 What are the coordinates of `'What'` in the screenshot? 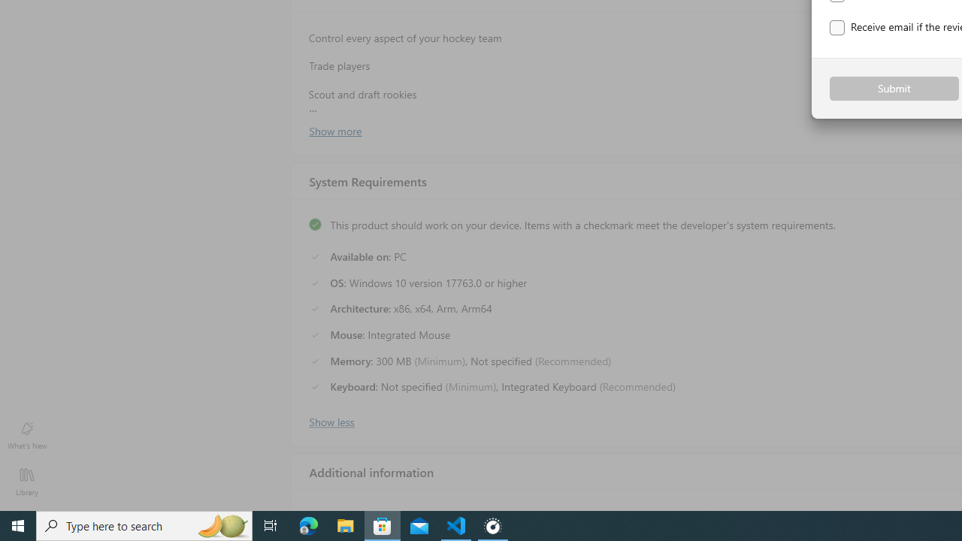 It's located at (26, 434).